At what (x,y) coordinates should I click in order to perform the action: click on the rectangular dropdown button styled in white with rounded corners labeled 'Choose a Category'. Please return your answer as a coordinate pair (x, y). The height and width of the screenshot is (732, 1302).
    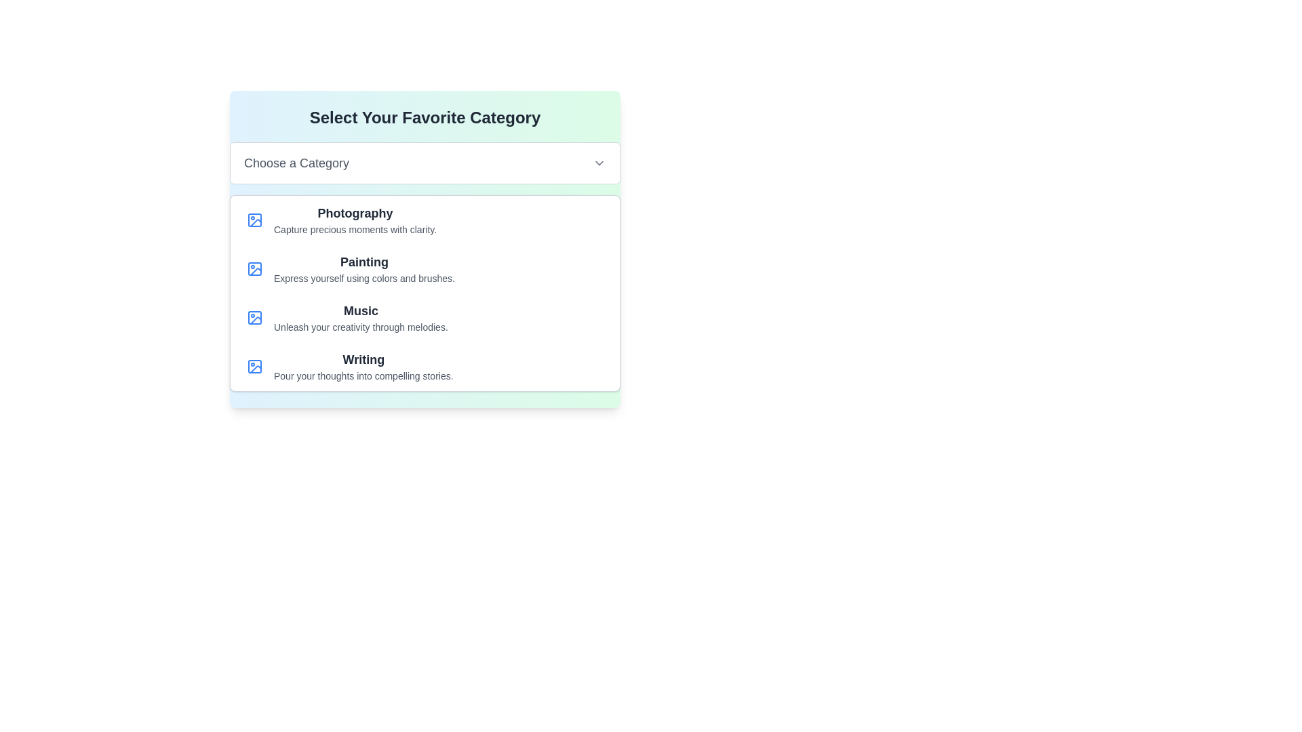
    Looking at the image, I should click on (425, 162).